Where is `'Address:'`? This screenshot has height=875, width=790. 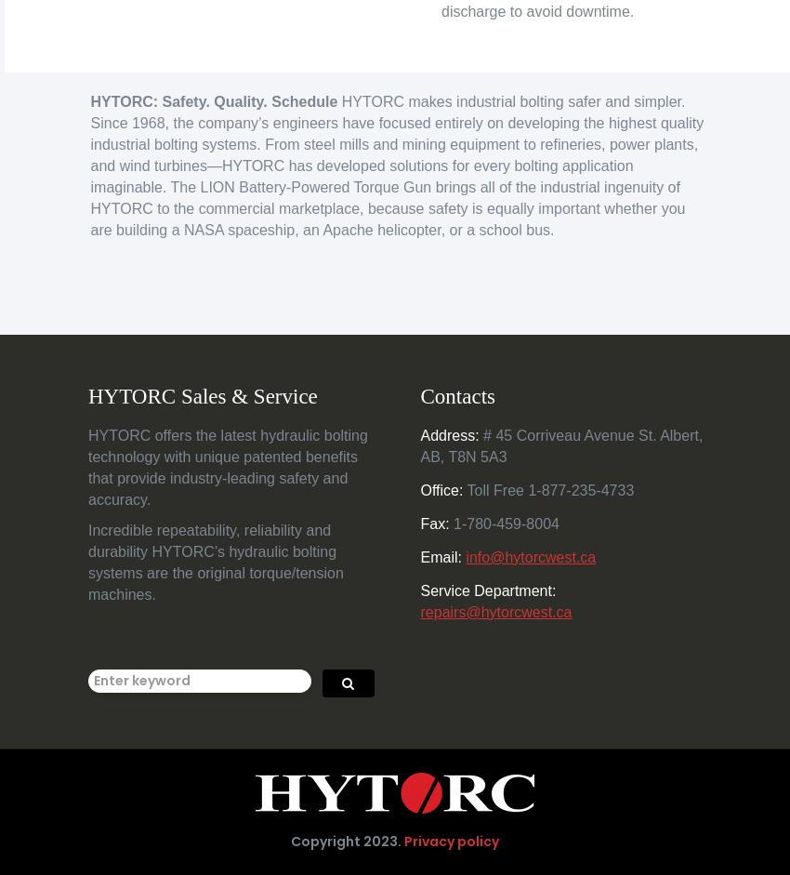
'Address:' is located at coordinates (449, 434).